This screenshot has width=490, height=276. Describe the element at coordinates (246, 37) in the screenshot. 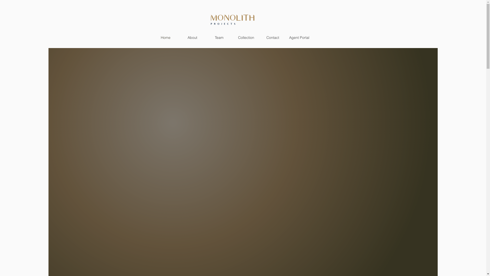

I see `'Collection'` at that location.